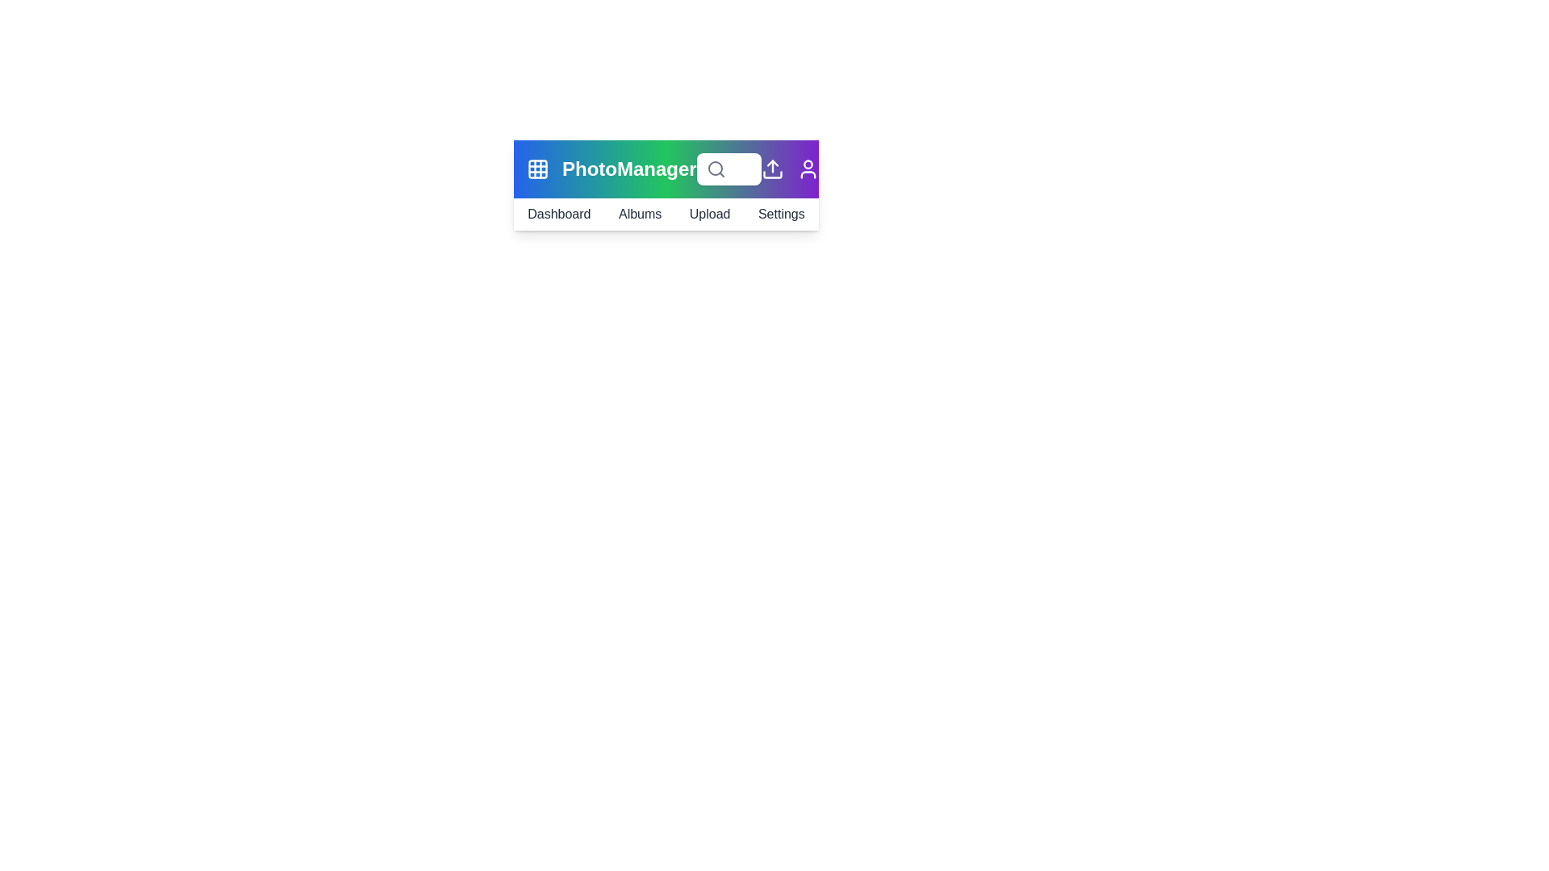 Image resolution: width=1549 pixels, height=871 pixels. What do you see at coordinates (808, 169) in the screenshot?
I see `the user icon to access user settings` at bounding box center [808, 169].